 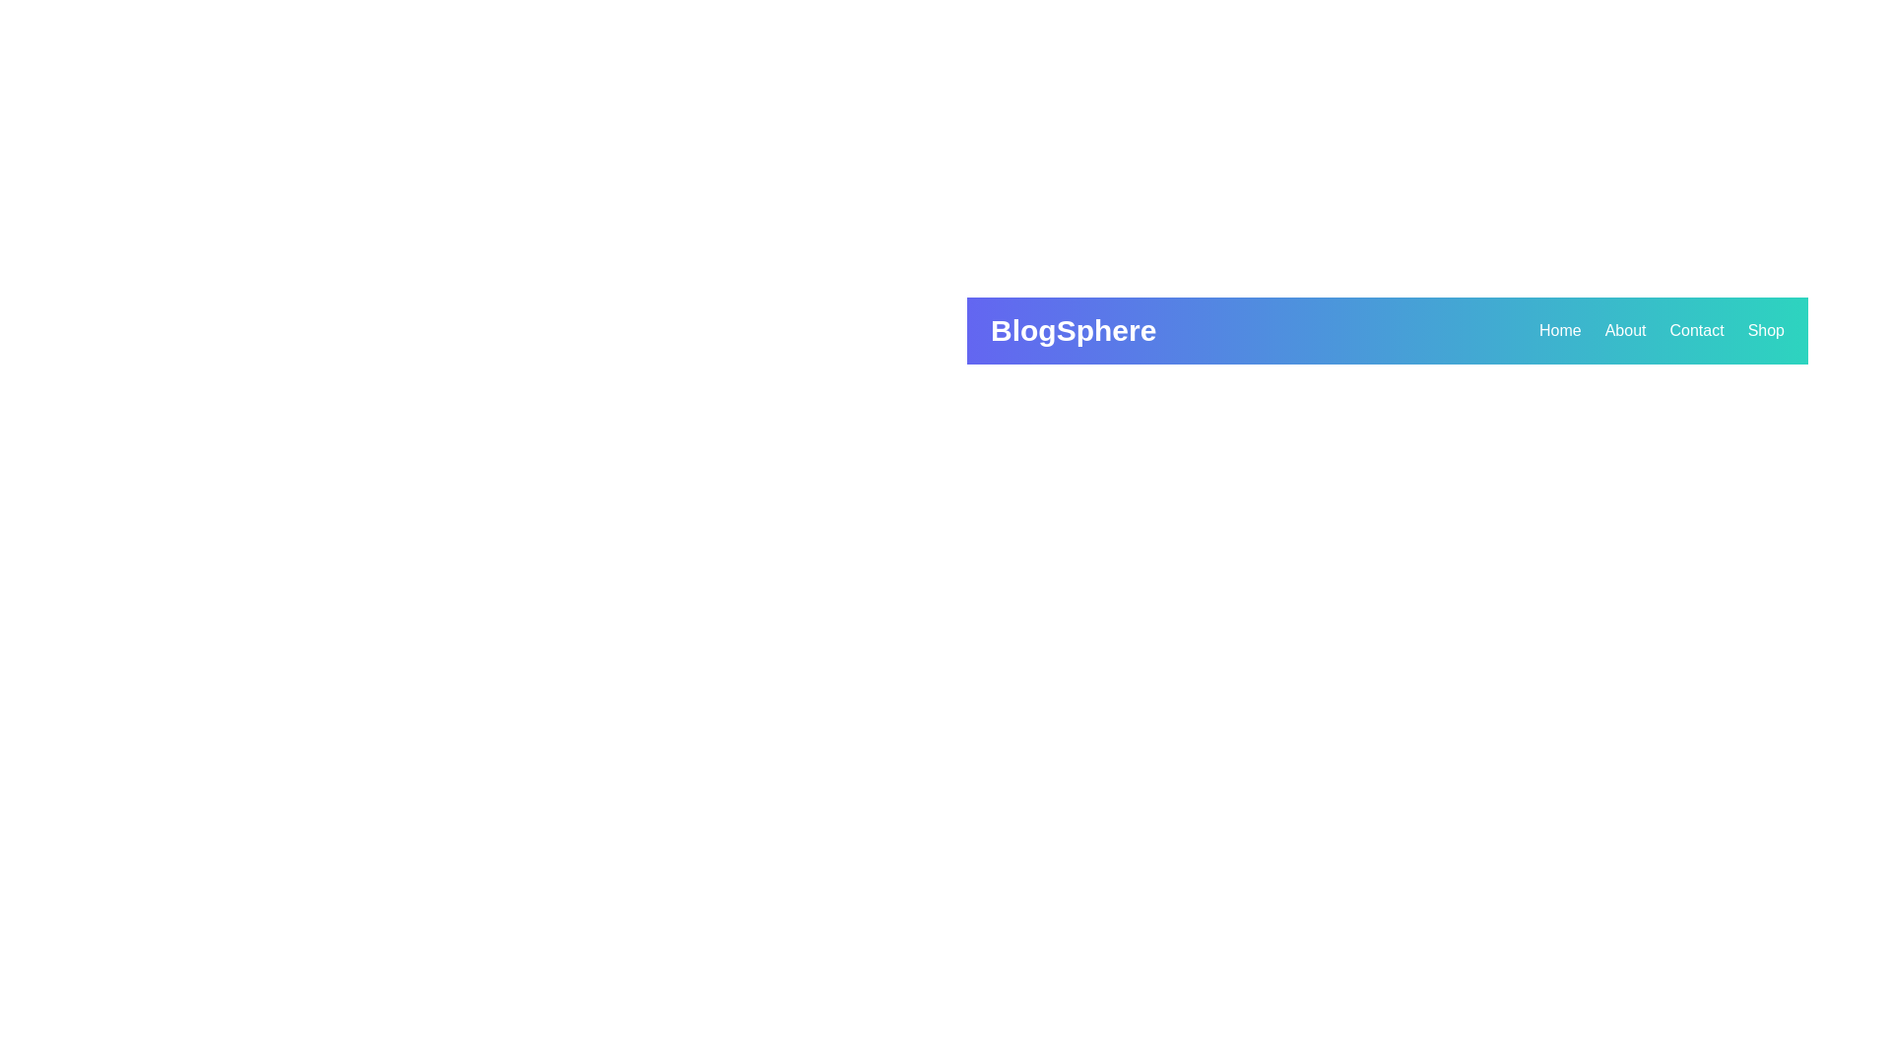 I want to click on the 'About' link in the navigation bar, so click(x=1625, y=329).